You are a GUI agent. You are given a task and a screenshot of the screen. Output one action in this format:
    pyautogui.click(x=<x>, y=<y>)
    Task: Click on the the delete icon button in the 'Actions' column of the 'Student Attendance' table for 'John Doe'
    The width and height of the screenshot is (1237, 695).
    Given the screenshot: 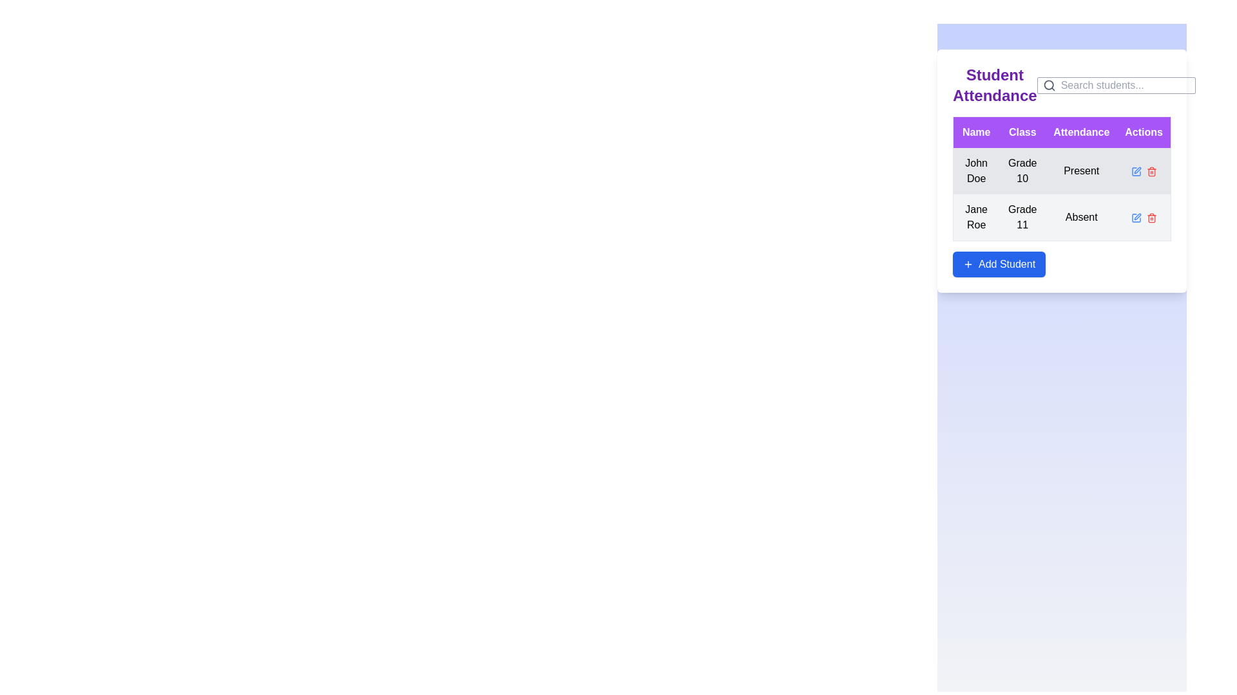 What is the action you would take?
    pyautogui.click(x=1151, y=171)
    